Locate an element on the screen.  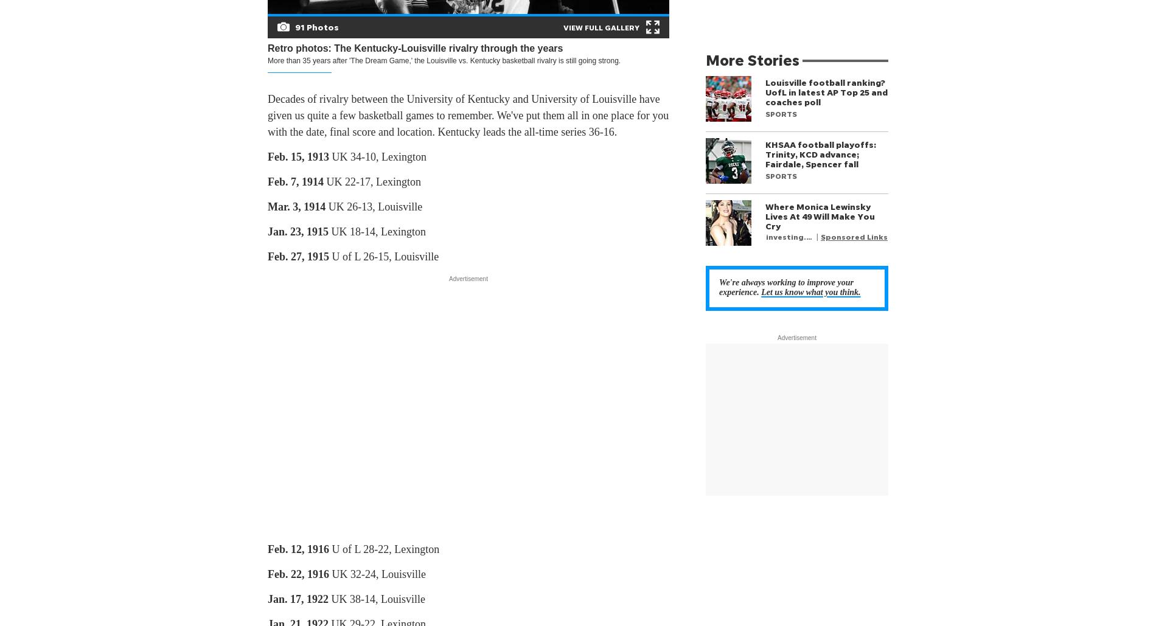
'UK 18-14, Lexington' is located at coordinates (377, 231).